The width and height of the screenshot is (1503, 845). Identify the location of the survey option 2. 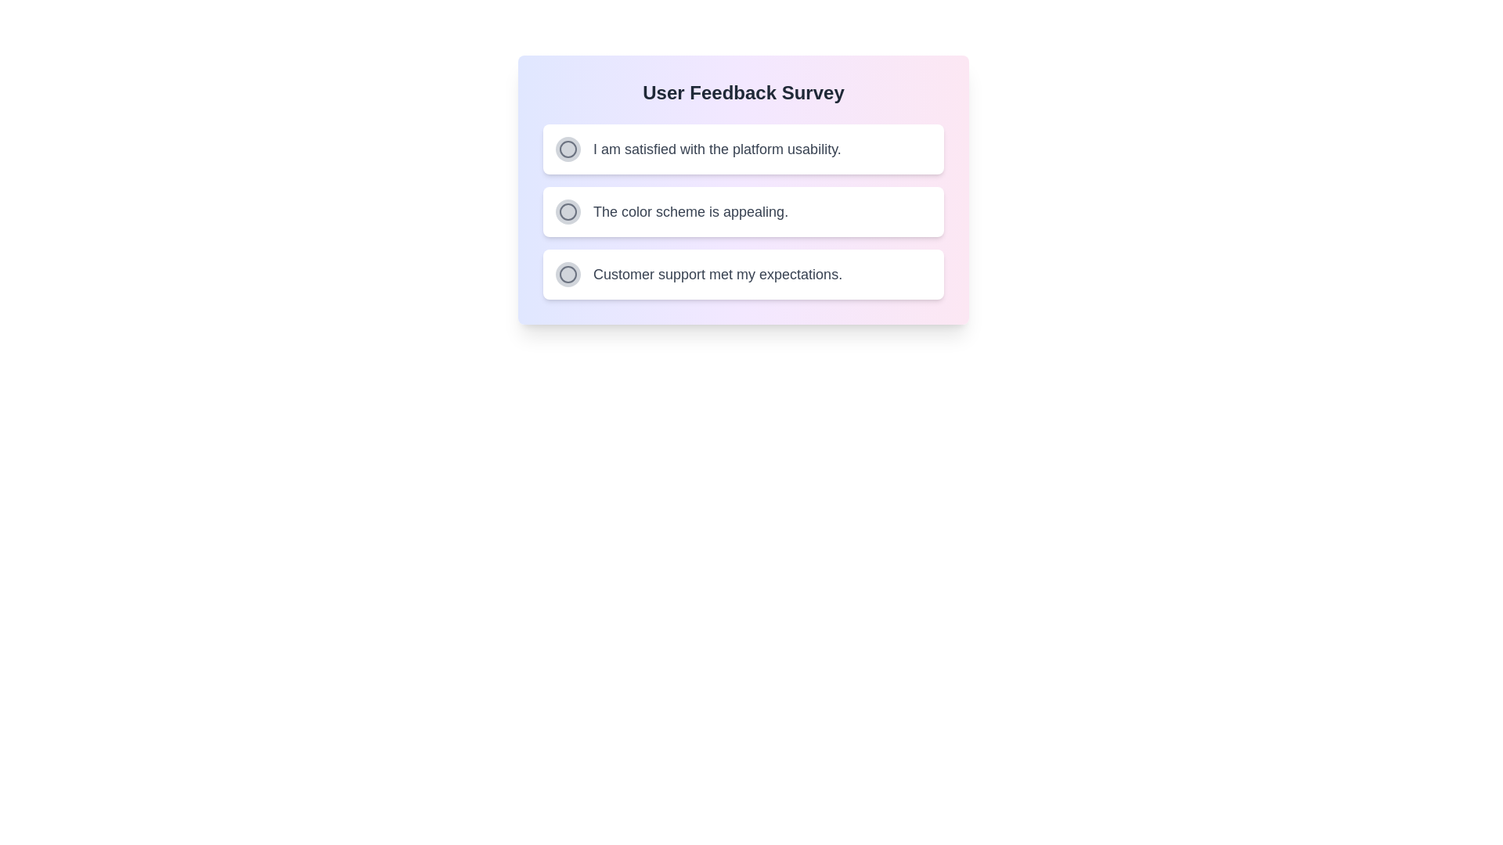
(567, 211).